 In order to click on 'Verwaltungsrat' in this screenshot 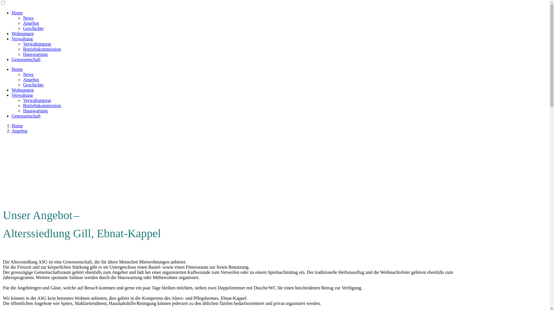, I will do `click(37, 43)`.